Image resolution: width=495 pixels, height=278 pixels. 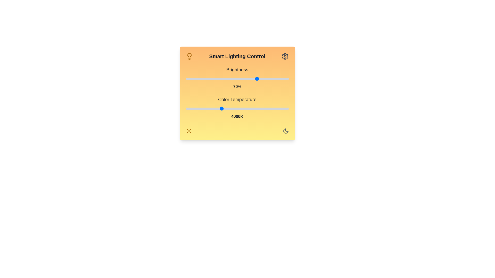 I want to click on the brightness slider to set the brightness to 73%, so click(x=261, y=79).